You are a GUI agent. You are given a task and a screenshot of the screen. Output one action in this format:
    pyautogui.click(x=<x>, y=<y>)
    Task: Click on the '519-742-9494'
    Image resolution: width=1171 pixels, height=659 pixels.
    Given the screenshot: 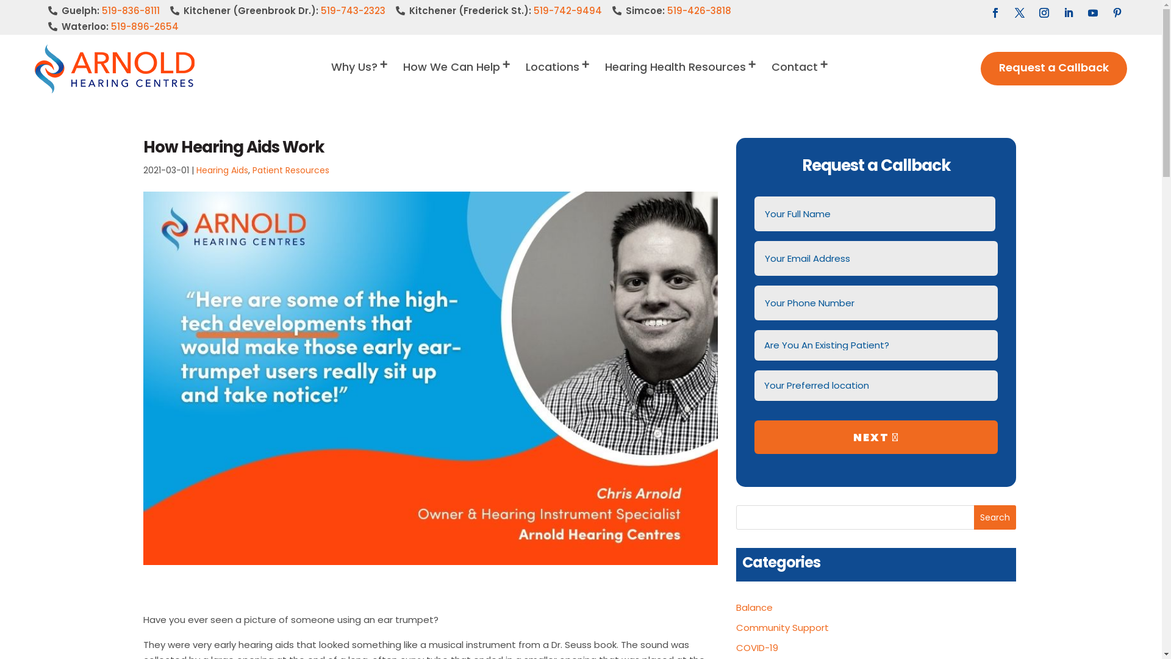 What is the action you would take?
    pyautogui.click(x=567, y=10)
    